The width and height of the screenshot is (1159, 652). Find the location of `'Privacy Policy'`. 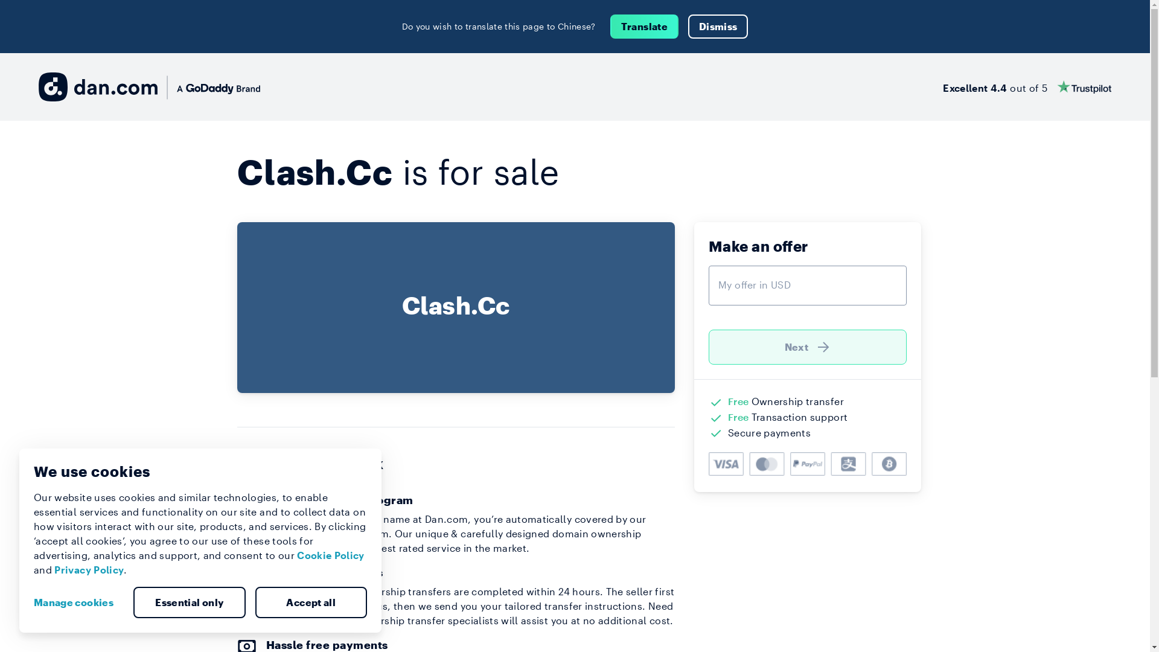

'Privacy Policy' is located at coordinates (54, 569).